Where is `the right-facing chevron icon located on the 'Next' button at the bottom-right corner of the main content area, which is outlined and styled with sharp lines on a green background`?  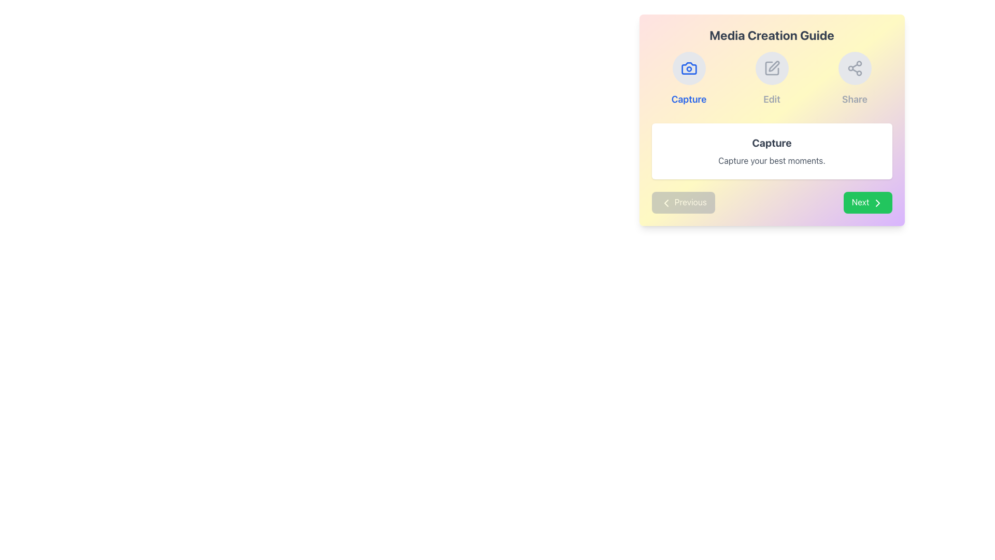 the right-facing chevron icon located on the 'Next' button at the bottom-right corner of the main content area, which is outlined and styled with sharp lines on a green background is located at coordinates (877, 203).